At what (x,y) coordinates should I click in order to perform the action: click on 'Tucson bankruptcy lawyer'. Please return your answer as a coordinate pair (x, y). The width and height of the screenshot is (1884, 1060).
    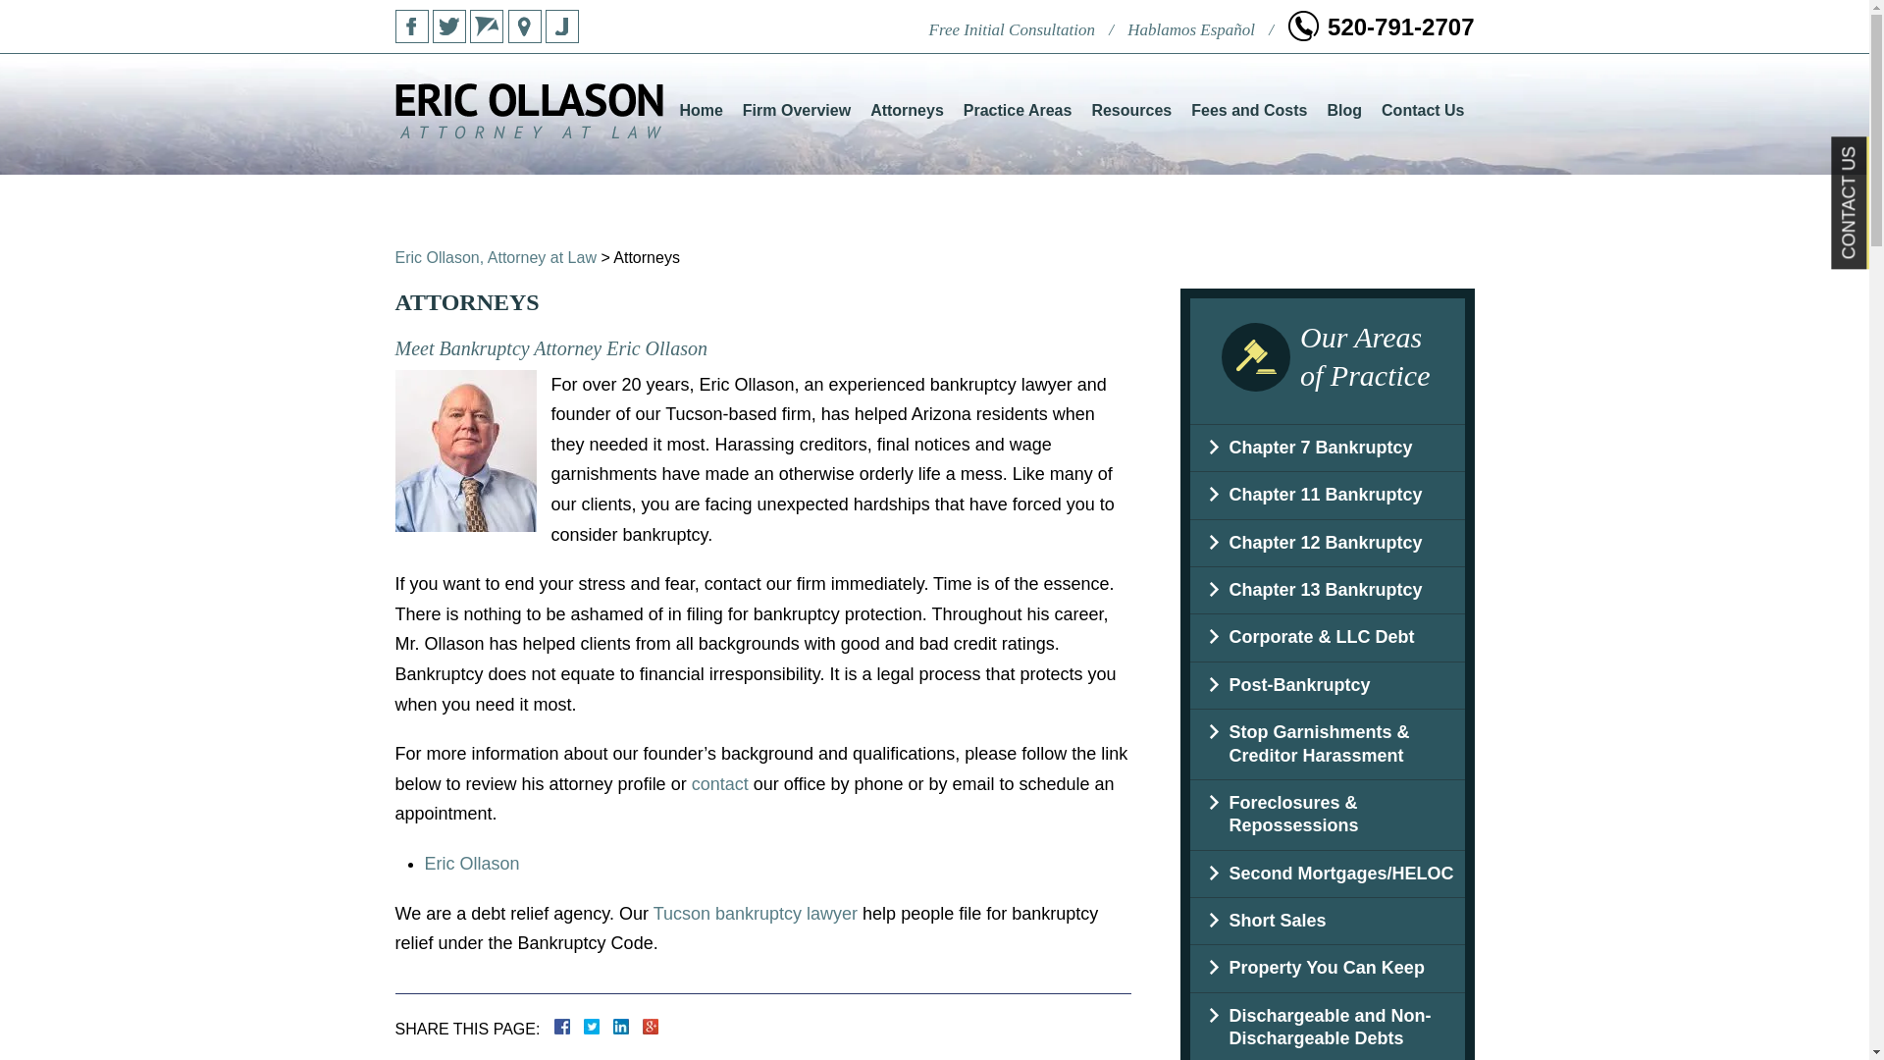
    Looking at the image, I should click on (754, 912).